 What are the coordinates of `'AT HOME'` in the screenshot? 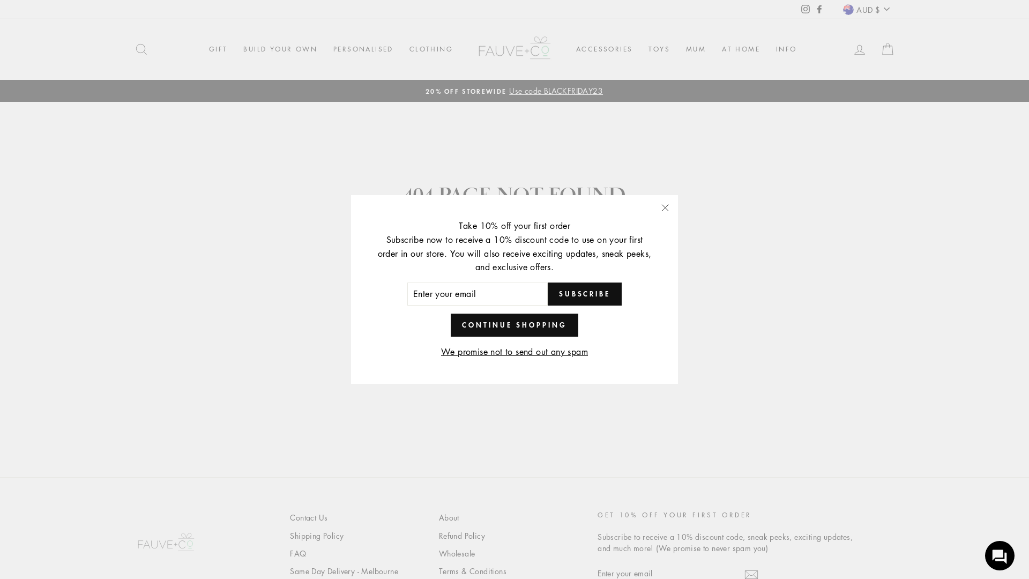 It's located at (740, 49).